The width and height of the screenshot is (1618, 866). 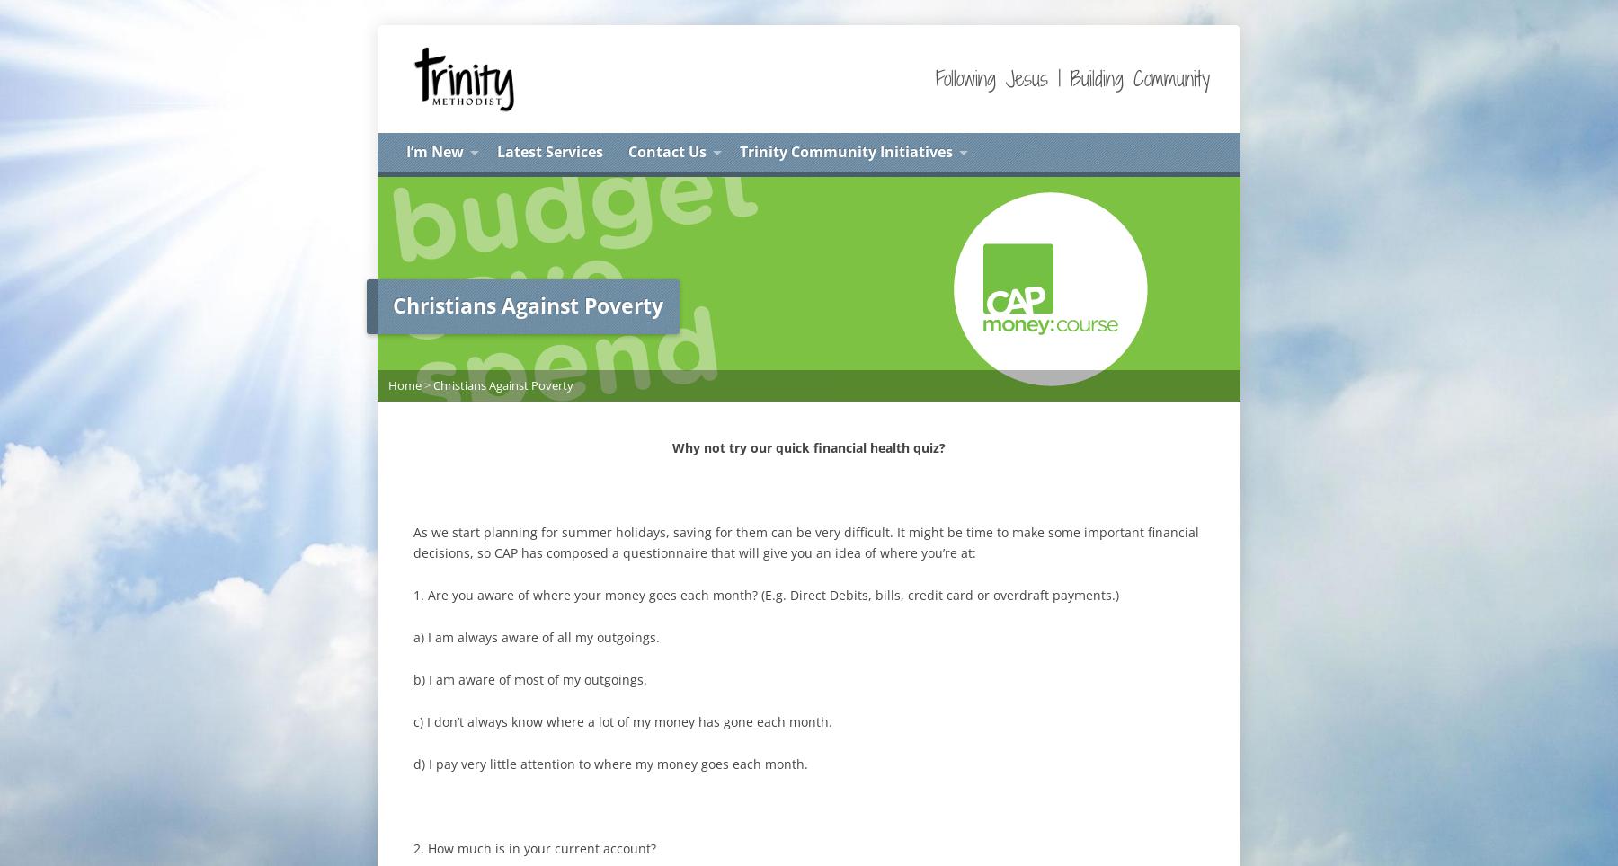 What do you see at coordinates (666, 150) in the screenshot?
I see `'Contact Us'` at bounding box center [666, 150].